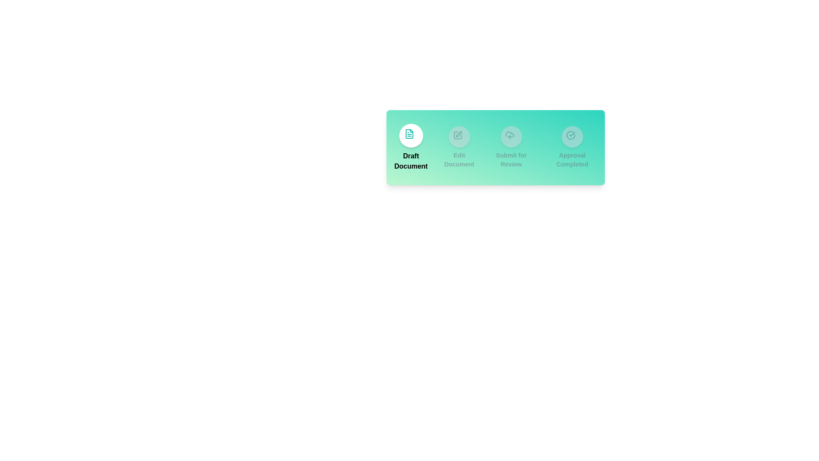 The width and height of the screenshot is (819, 461). What do you see at coordinates (411, 147) in the screenshot?
I see `the step corresponding to Draft Document` at bounding box center [411, 147].